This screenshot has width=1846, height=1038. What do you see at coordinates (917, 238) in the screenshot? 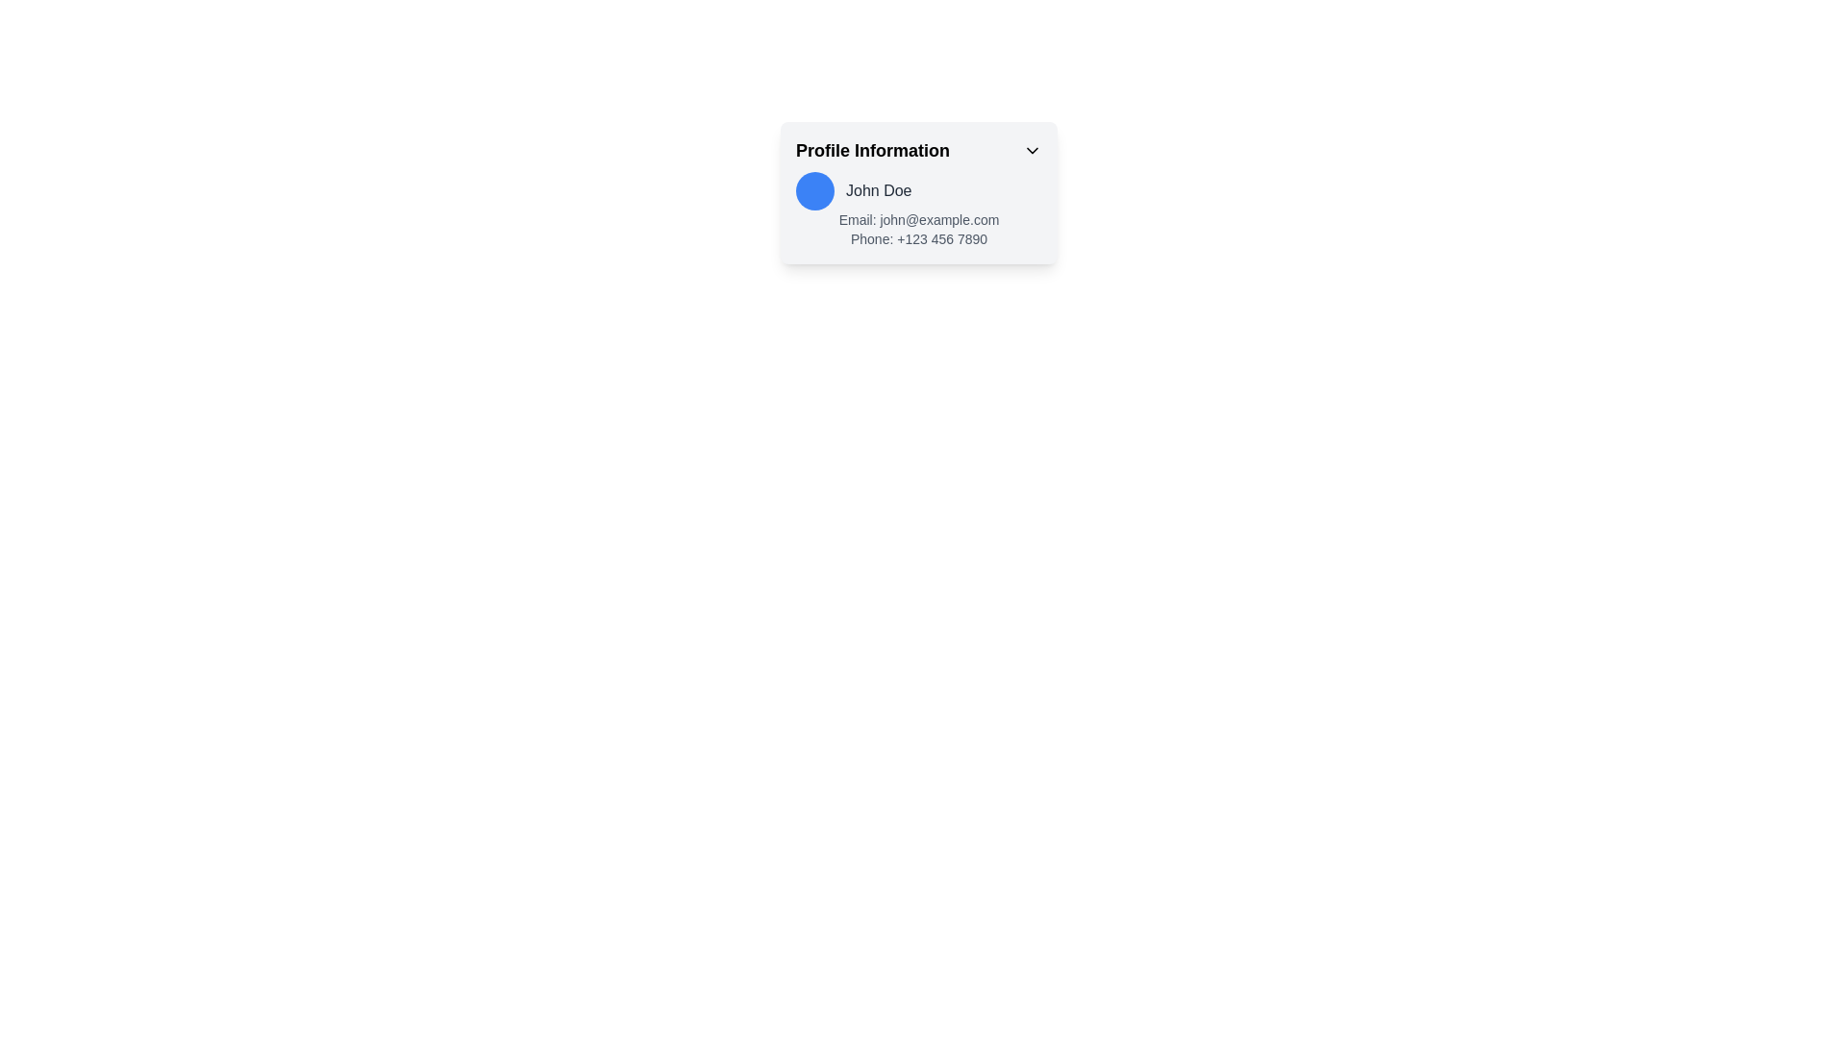
I see `the text field displaying 'Phone: +123 456 7890' in small gray font located at the bottom of the profile card` at bounding box center [917, 238].